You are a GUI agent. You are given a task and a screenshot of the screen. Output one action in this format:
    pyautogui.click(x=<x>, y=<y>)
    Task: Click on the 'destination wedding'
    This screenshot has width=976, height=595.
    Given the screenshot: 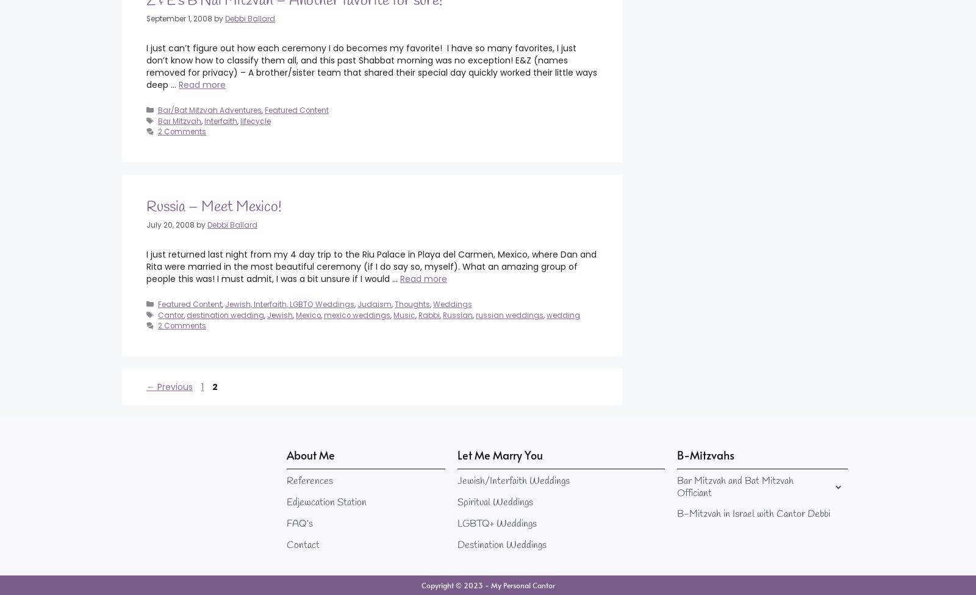 What is the action you would take?
    pyautogui.click(x=225, y=314)
    